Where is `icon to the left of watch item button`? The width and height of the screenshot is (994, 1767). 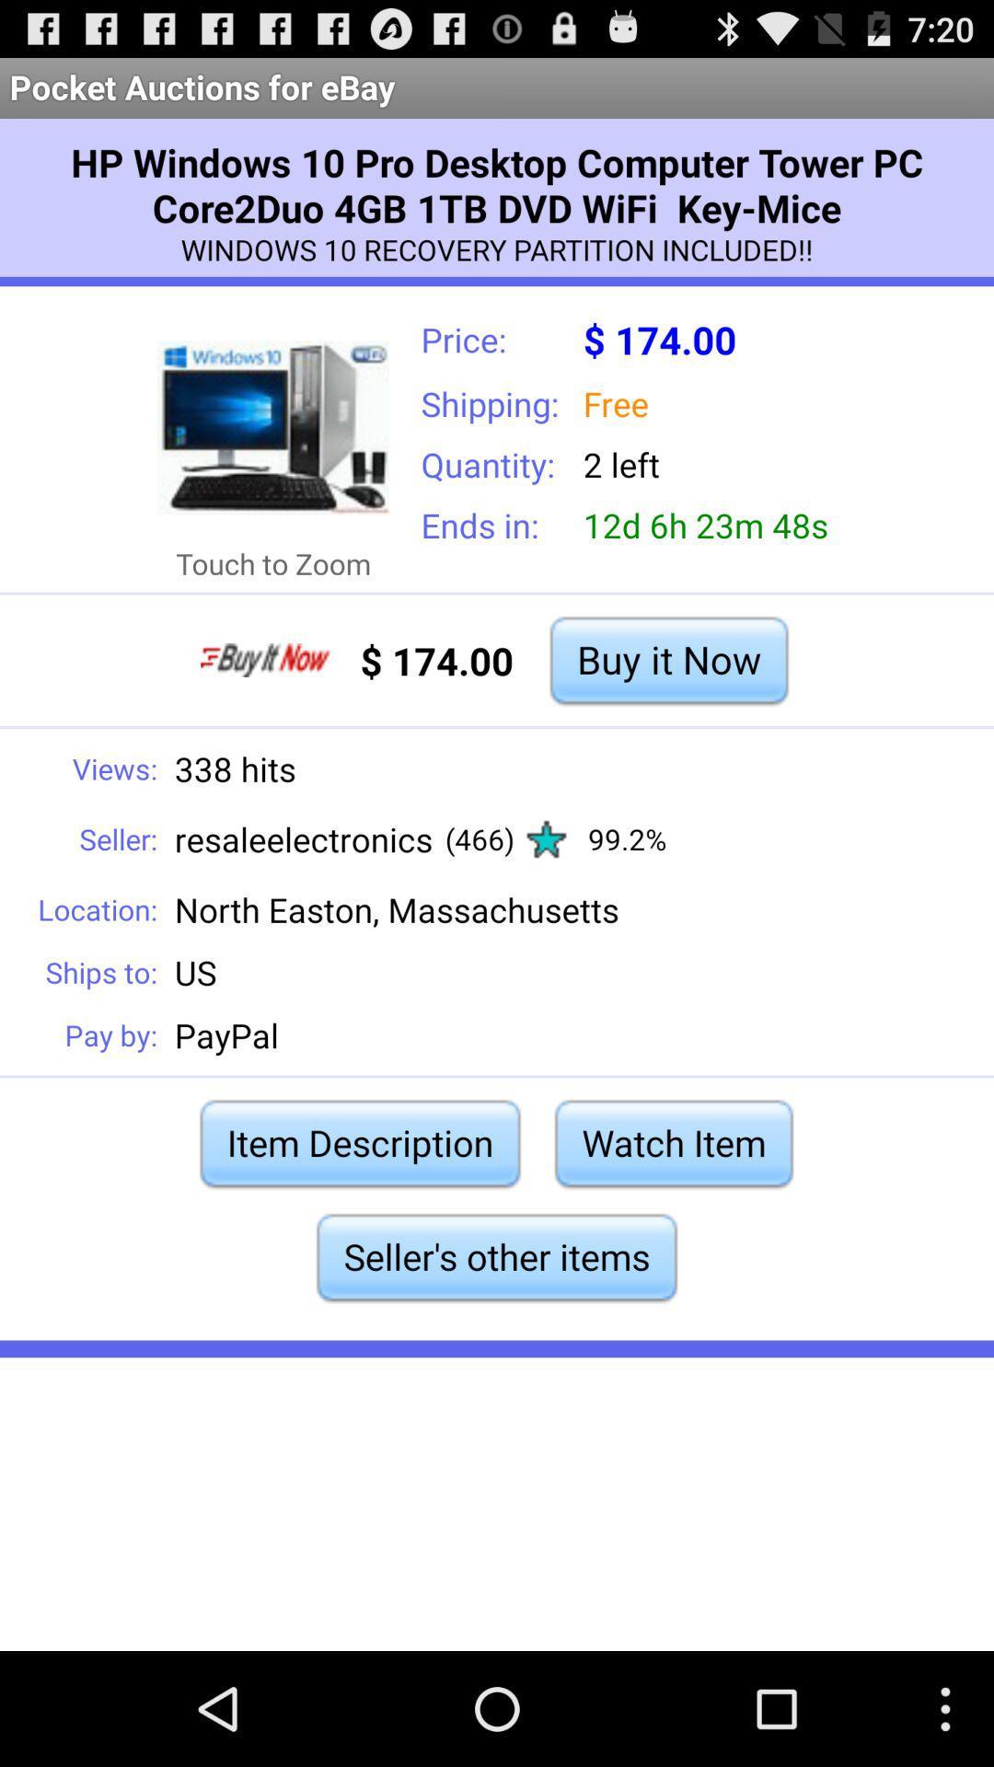
icon to the left of watch item button is located at coordinates (360, 1142).